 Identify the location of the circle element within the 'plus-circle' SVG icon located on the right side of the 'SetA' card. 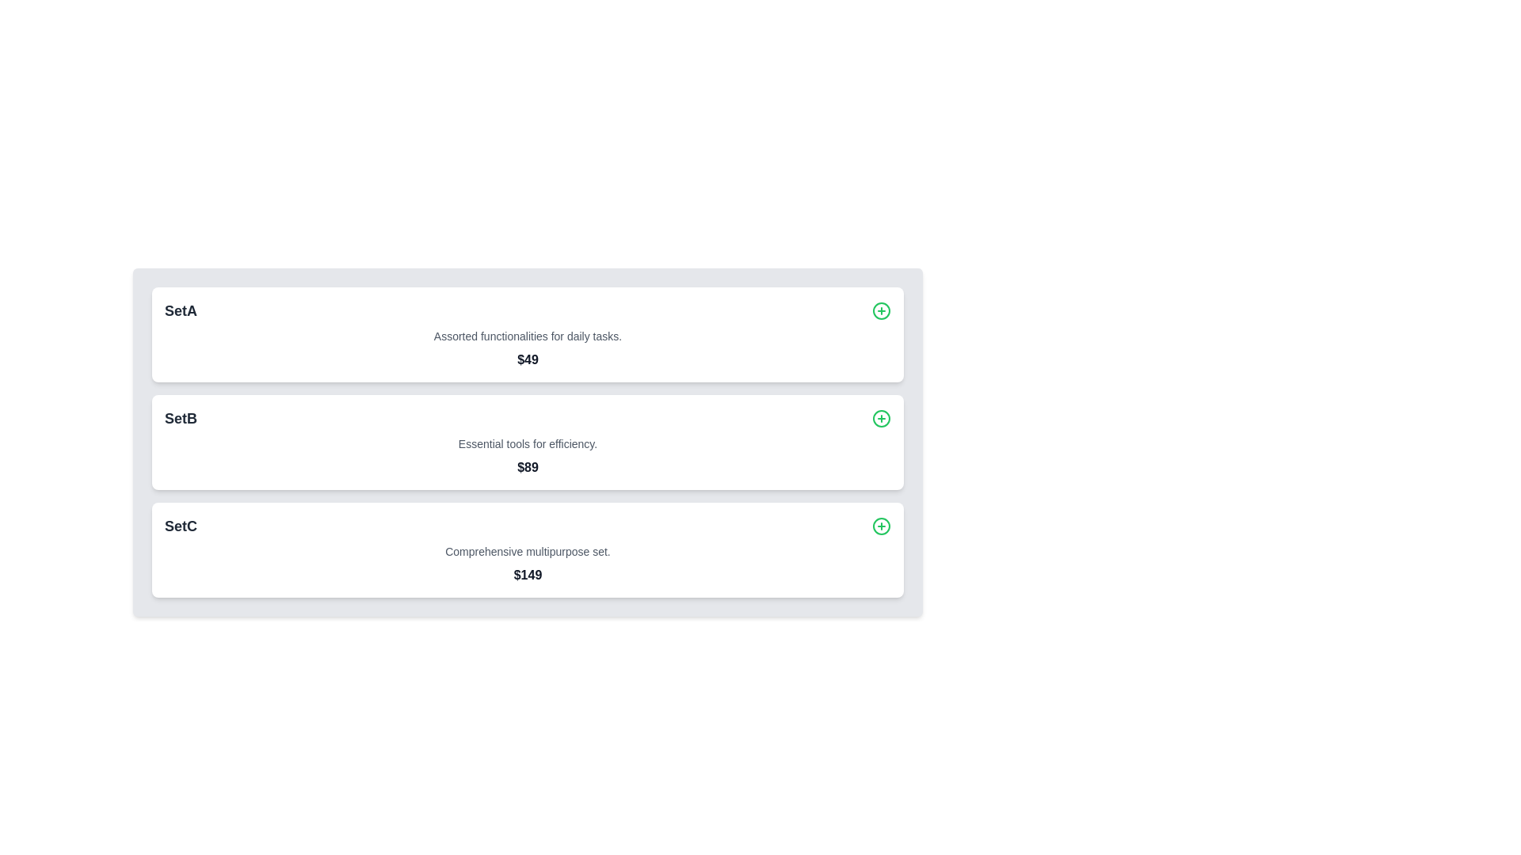
(881, 311).